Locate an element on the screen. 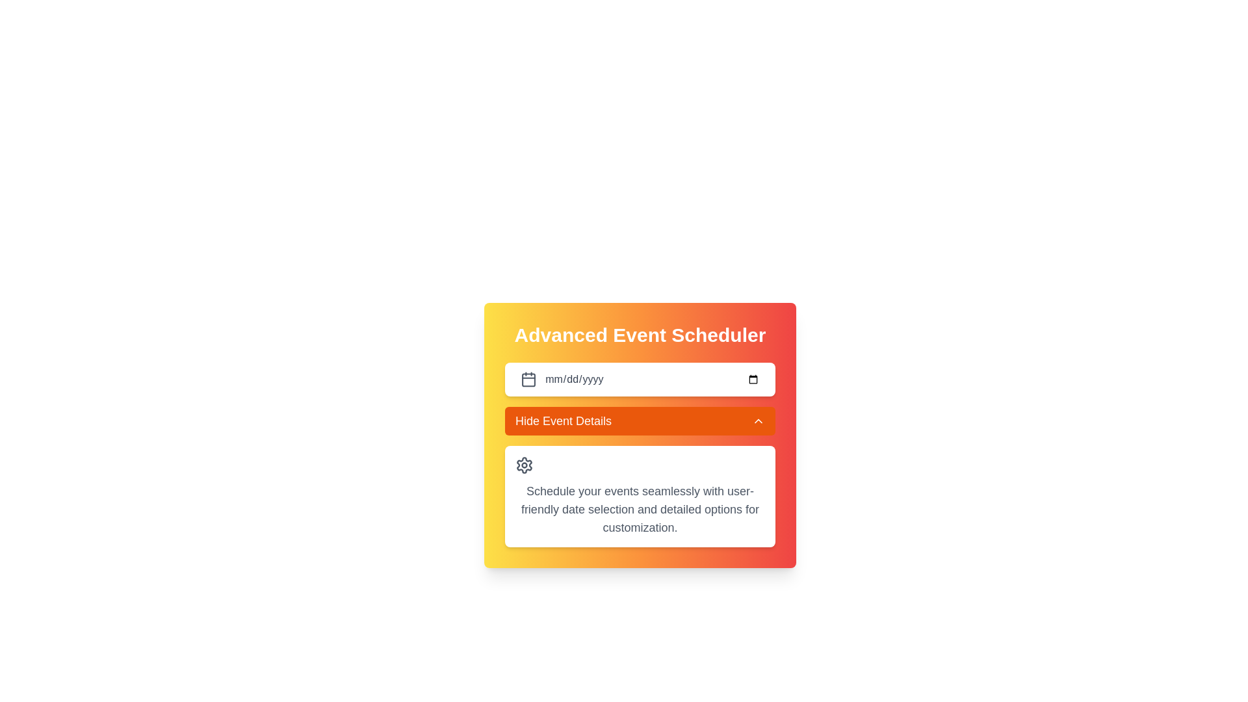 This screenshot has height=702, width=1248. the descriptive text block providing contextual information about scheduling events, located below the settings icon within a white panel at the bottom of a larger card interface is located at coordinates (640, 508).